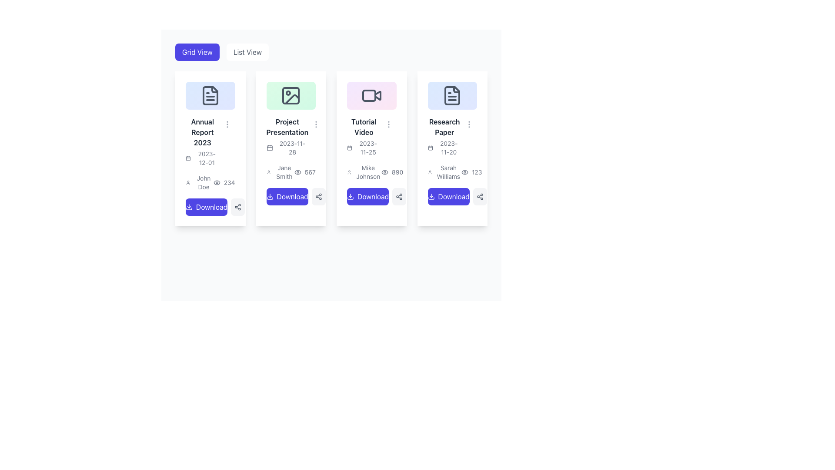 Image resolution: width=835 pixels, height=470 pixels. What do you see at coordinates (452, 196) in the screenshot?
I see `the 'Download' button with a purple background and white text, located at the bottom of the 'Research Paper' card to download the document` at bounding box center [452, 196].